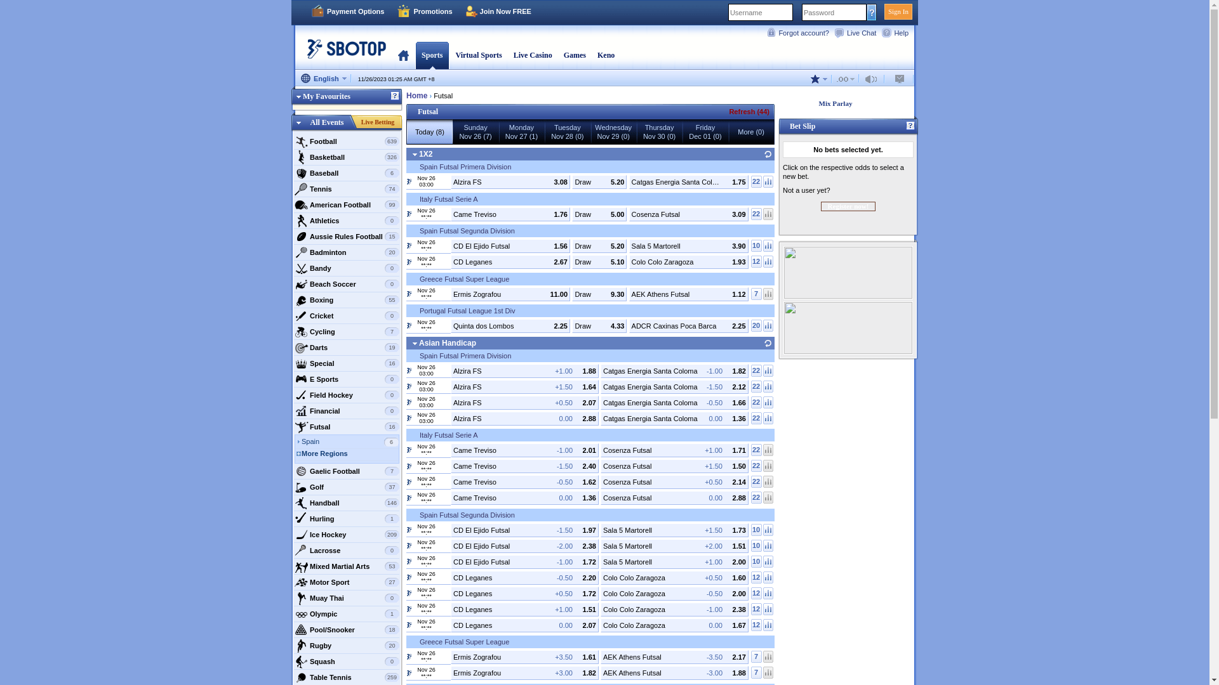 This screenshot has width=1219, height=685. What do you see at coordinates (688, 261) in the screenshot?
I see `'1.93` at bounding box center [688, 261].